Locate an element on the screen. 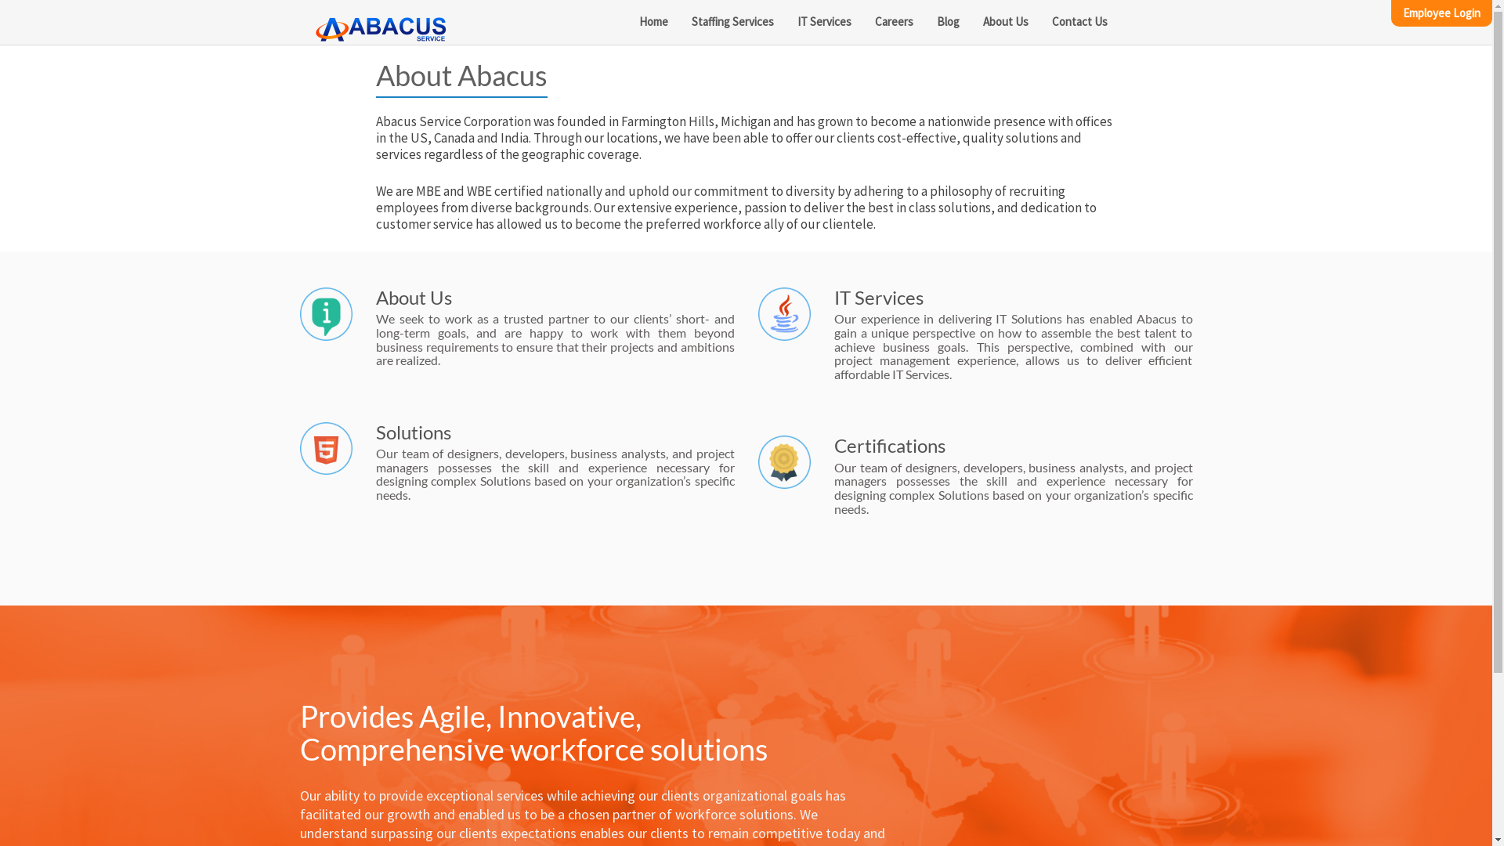  'Careers' is located at coordinates (894, 21).